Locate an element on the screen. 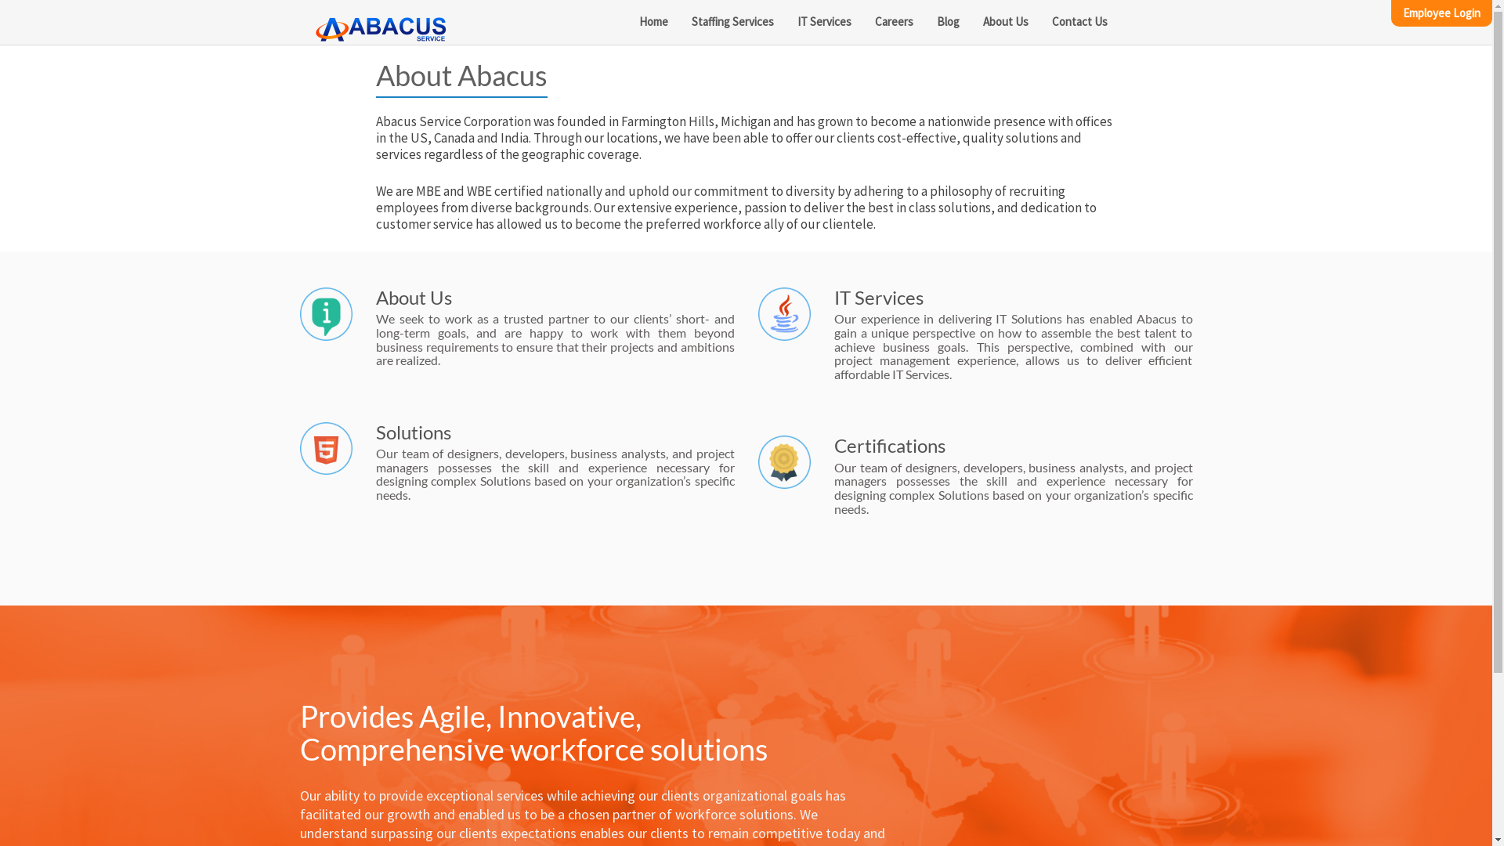  'Careers' is located at coordinates (894, 21).